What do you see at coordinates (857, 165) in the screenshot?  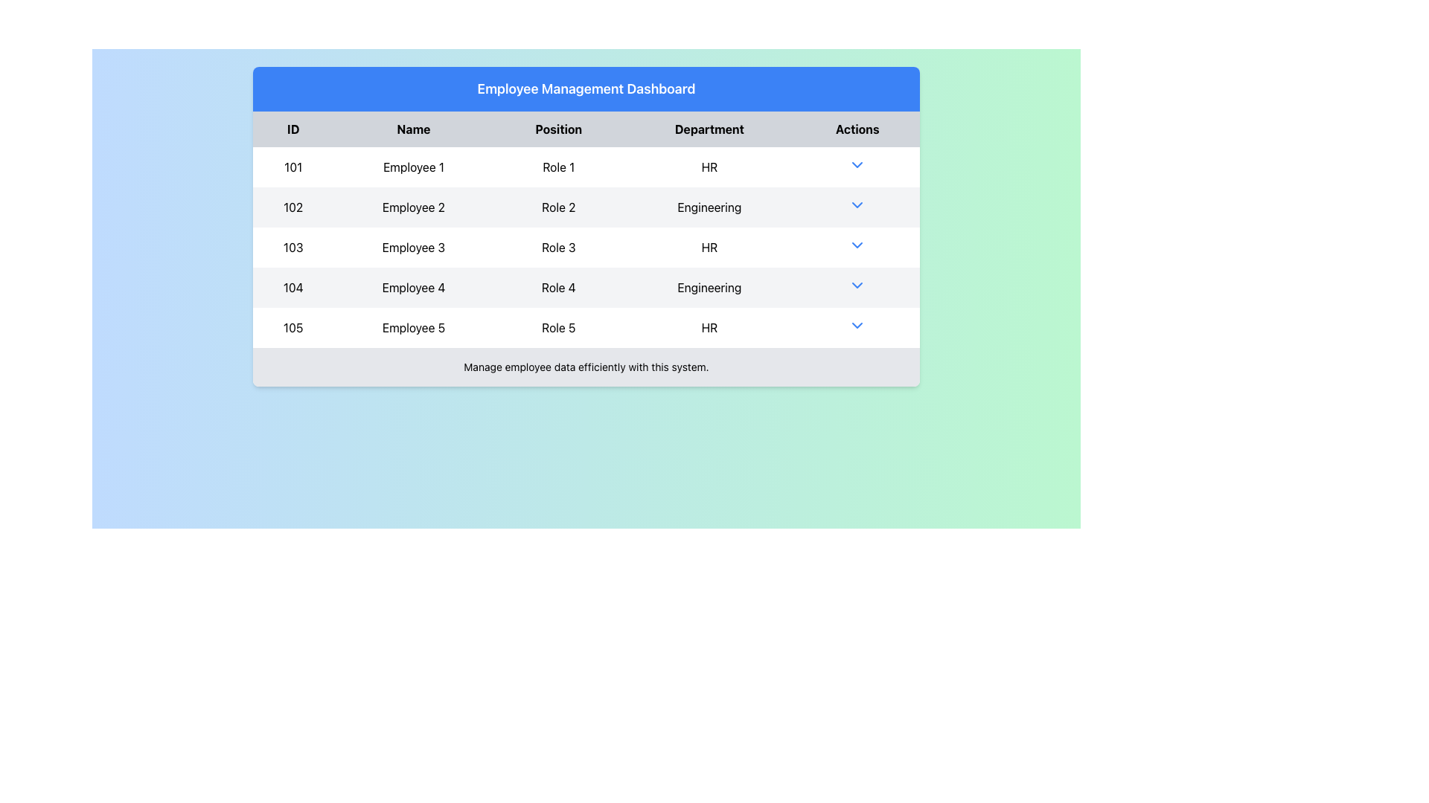 I see `the chevron button in the first row under the 'Actions' column of the table` at bounding box center [857, 165].